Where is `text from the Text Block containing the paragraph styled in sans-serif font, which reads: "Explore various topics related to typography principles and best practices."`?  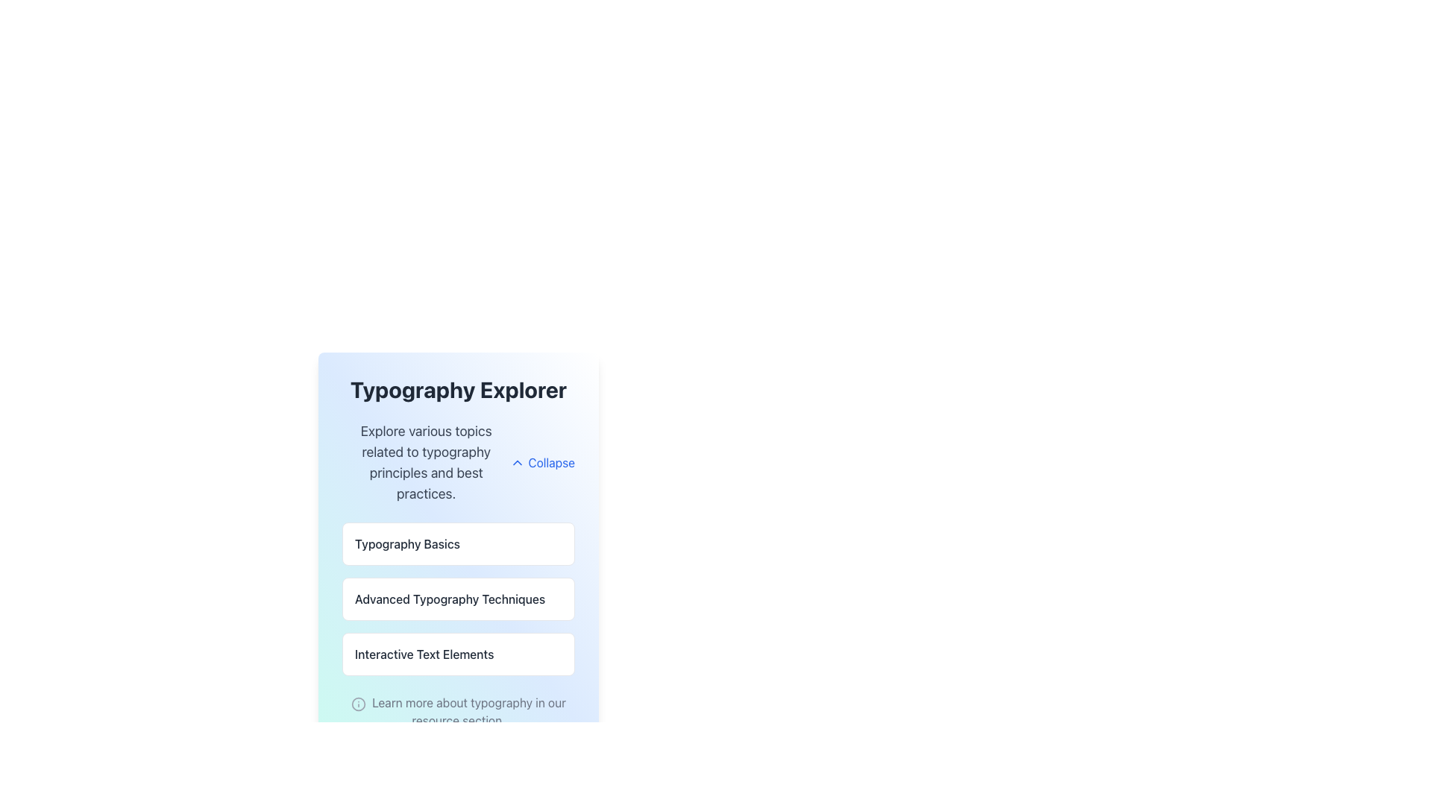
text from the Text Block containing the paragraph styled in sans-serif font, which reads: "Explore various topics related to typography principles and best practices." is located at coordinates (425, 462).